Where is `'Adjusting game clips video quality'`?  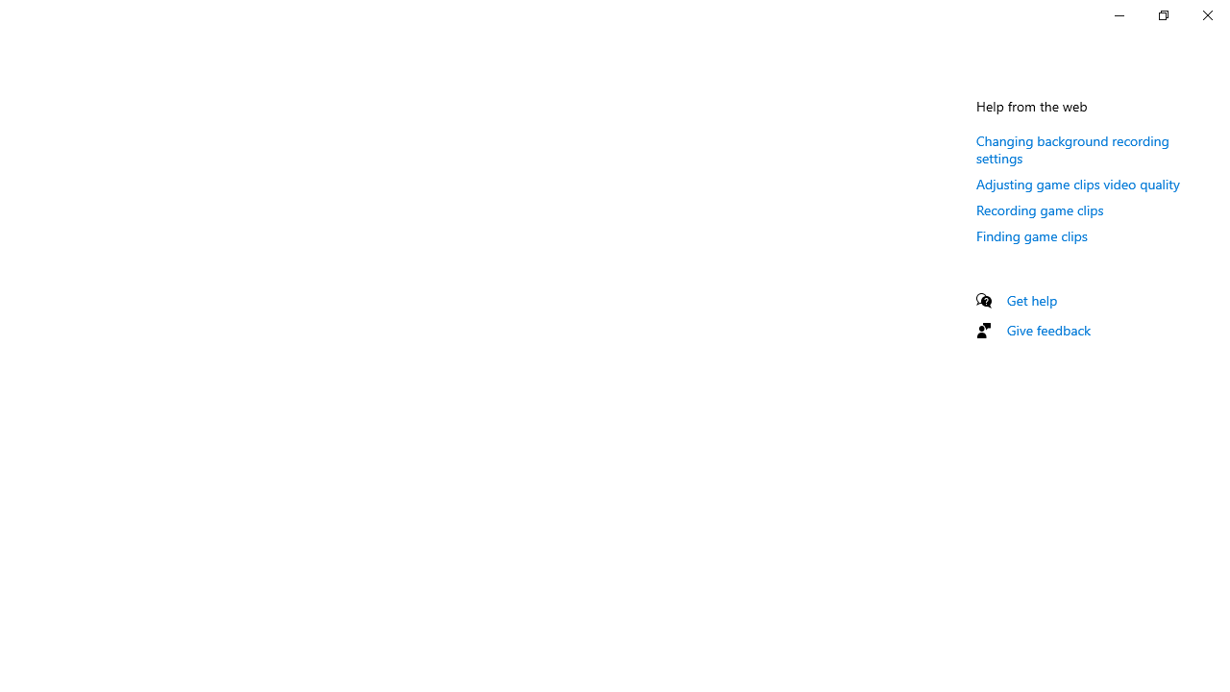
'Adjusting game clips video quality' is located at coordinates (1077, 184).